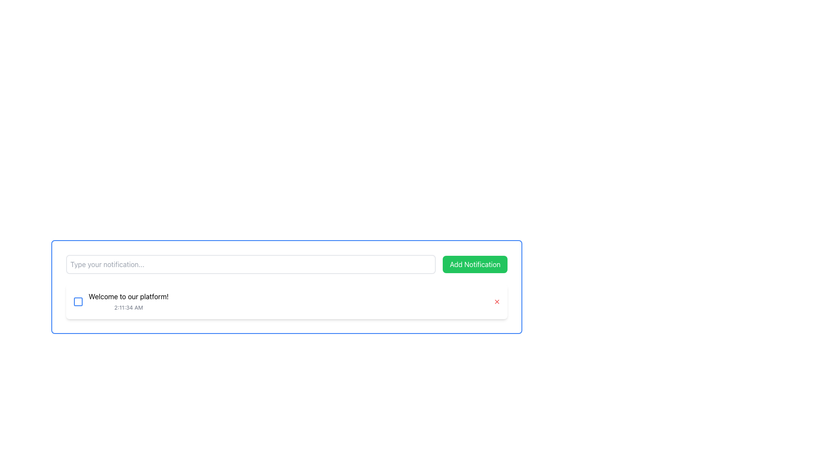 This screenshot has height=469, width=835. I want to click on the 'Add Notification' button, which is a green rectangular button with rounded corners, located to the right of a text input field, so click(474, 264).